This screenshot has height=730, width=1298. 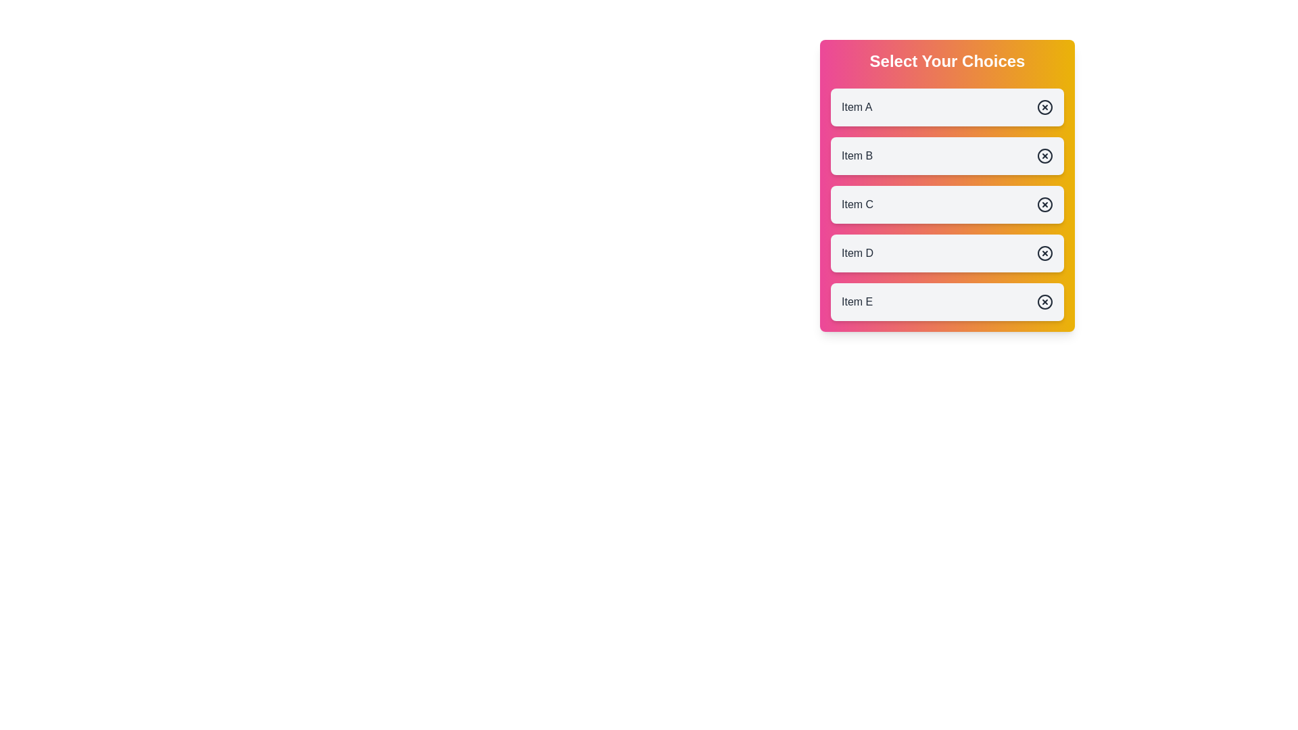 What do you see at coordinates (946, 253) in the screenshot?
I see `the button labeled Item D to observe the animation` at bounding box center [946, 253].